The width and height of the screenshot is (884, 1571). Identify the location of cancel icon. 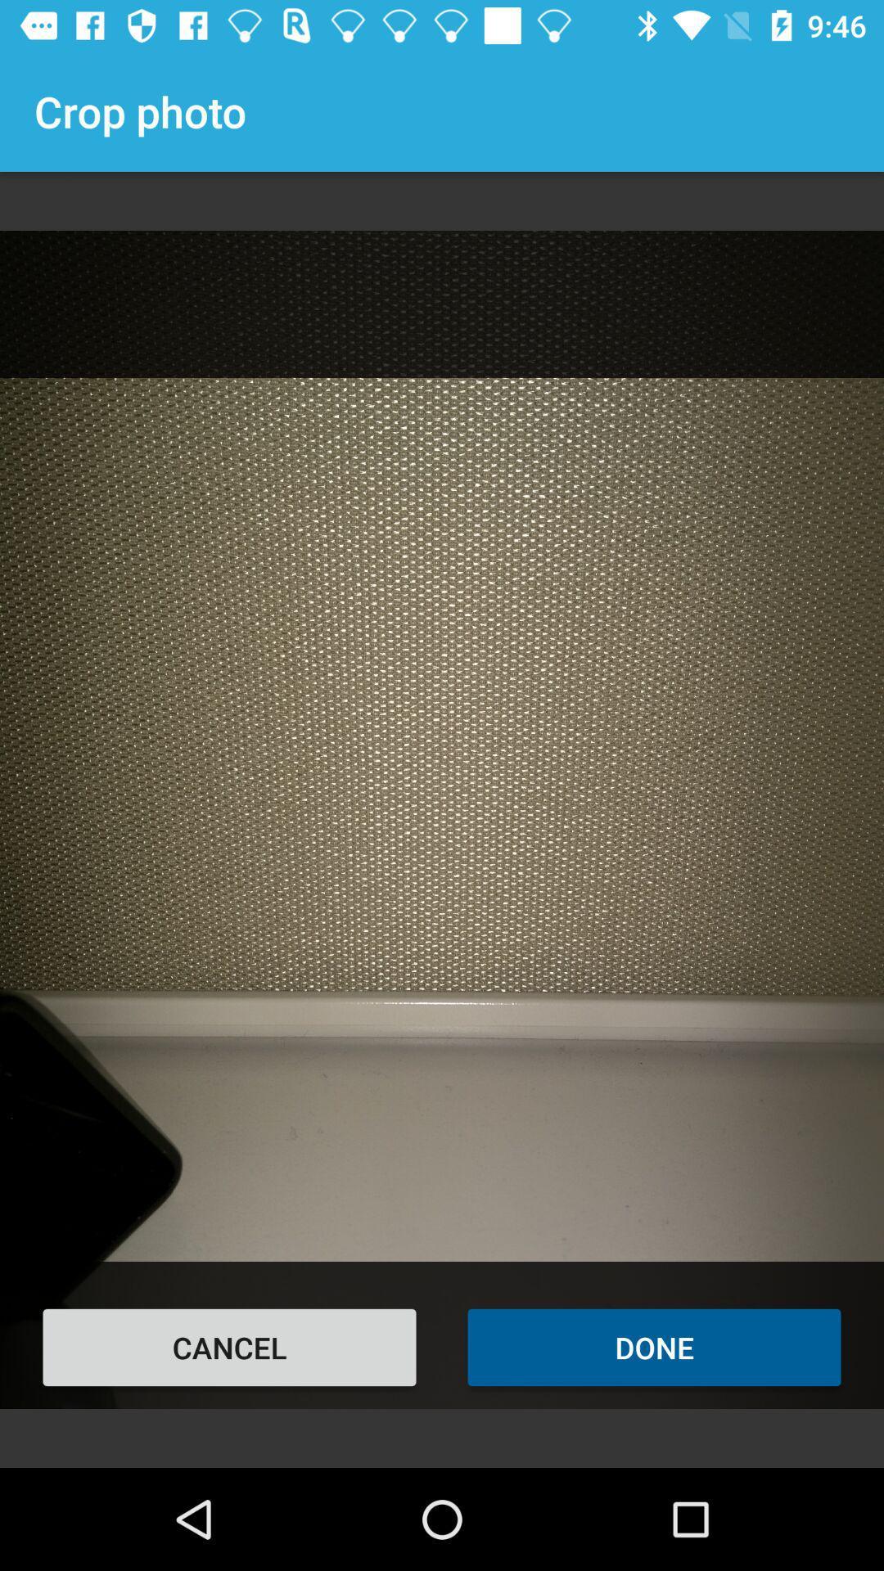
(229, 1347).